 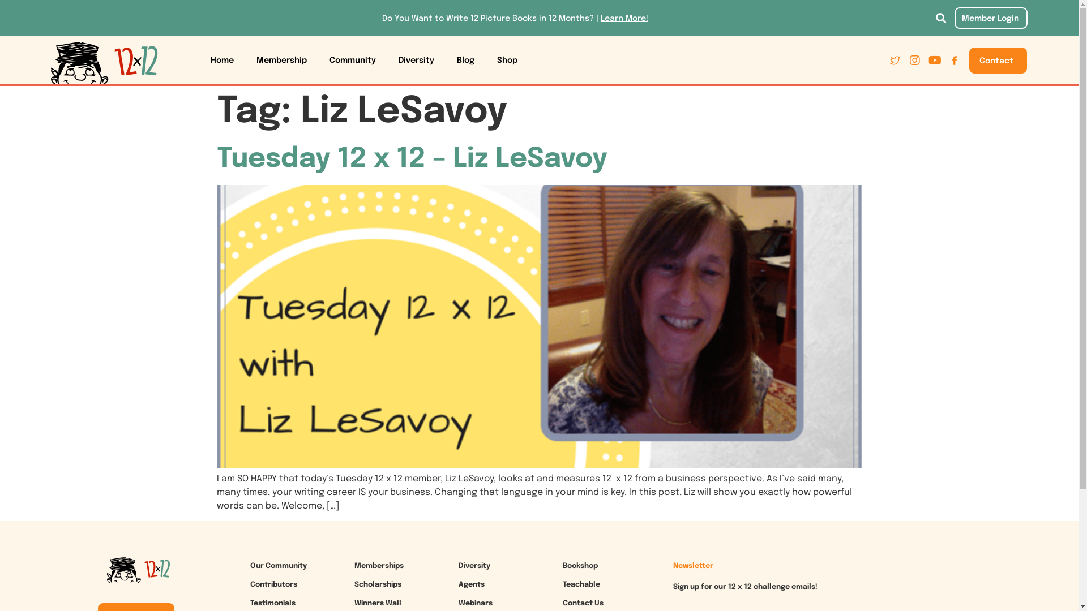 What do you see at coordinates (998, 61) in the screenshot?
I see `'Contact'` at bounding box center [998, 61].